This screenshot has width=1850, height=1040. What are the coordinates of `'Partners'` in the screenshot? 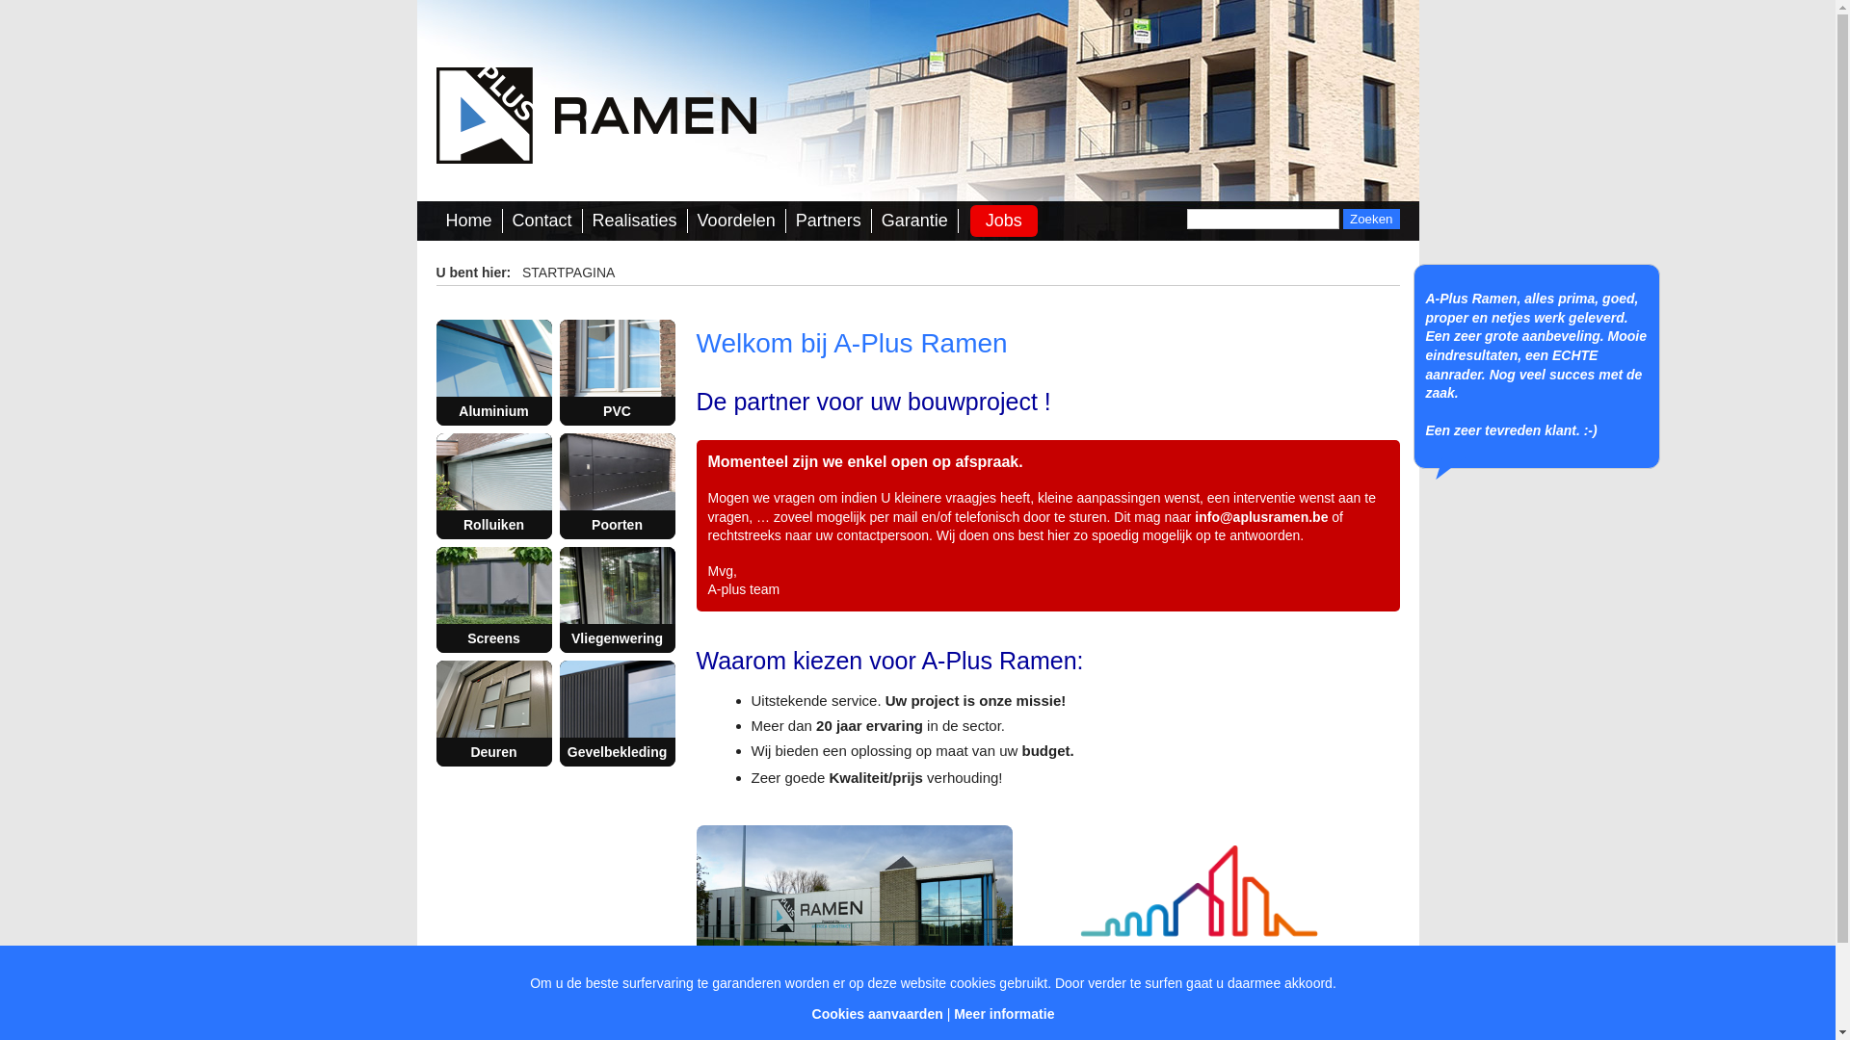 It's located at (828, 219).